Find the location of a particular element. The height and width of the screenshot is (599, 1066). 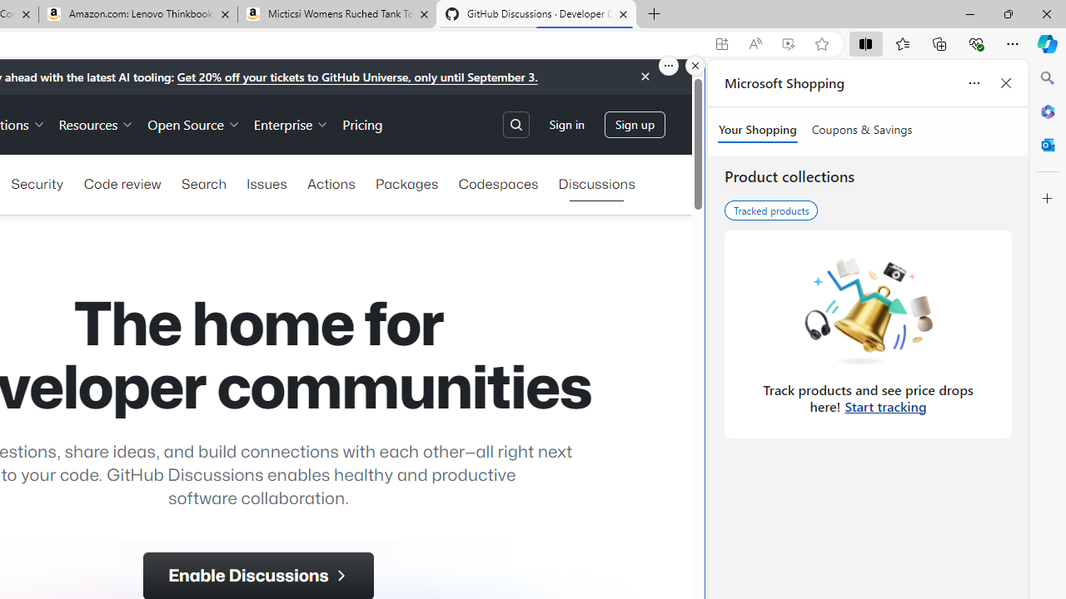

'Security' is located at coordinates (37, 184).